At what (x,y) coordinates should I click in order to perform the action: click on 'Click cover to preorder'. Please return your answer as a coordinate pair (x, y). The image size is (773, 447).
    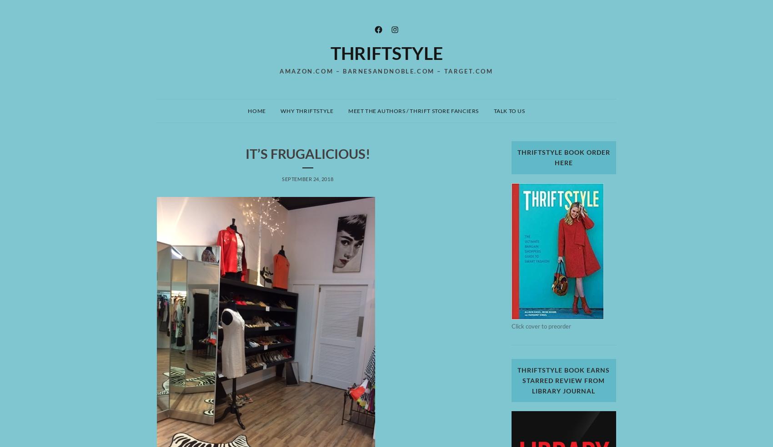
    Looking at the image, I should click on (540, 325).